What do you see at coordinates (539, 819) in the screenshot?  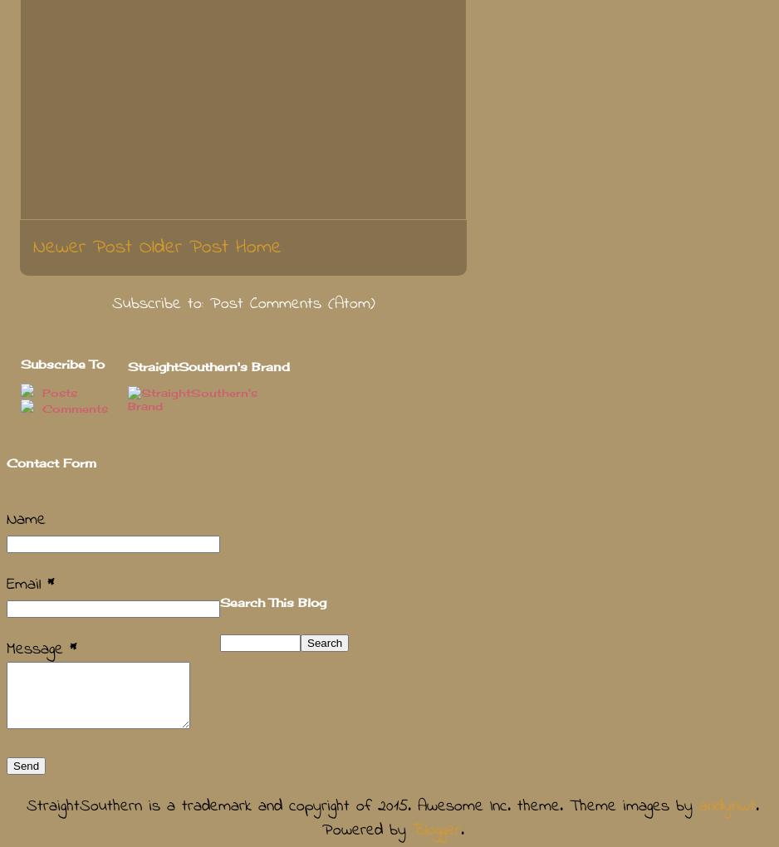 I see `'. Powered by'` at bounding box center [539, 819].